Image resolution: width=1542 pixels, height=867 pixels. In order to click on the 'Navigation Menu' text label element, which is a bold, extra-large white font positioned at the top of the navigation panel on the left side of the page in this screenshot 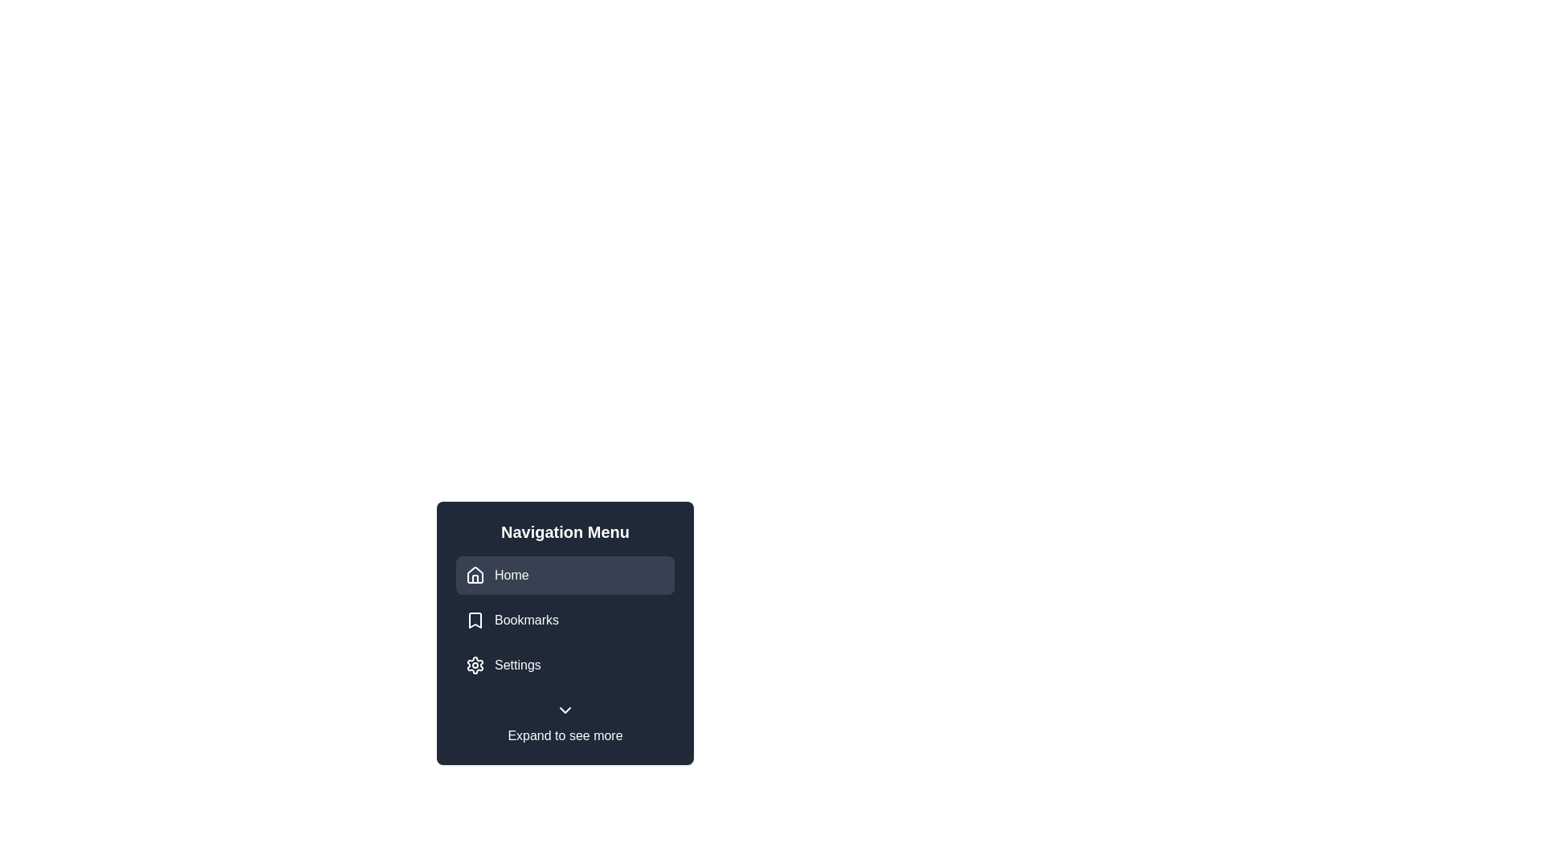, I will do `click(565, 532)`.